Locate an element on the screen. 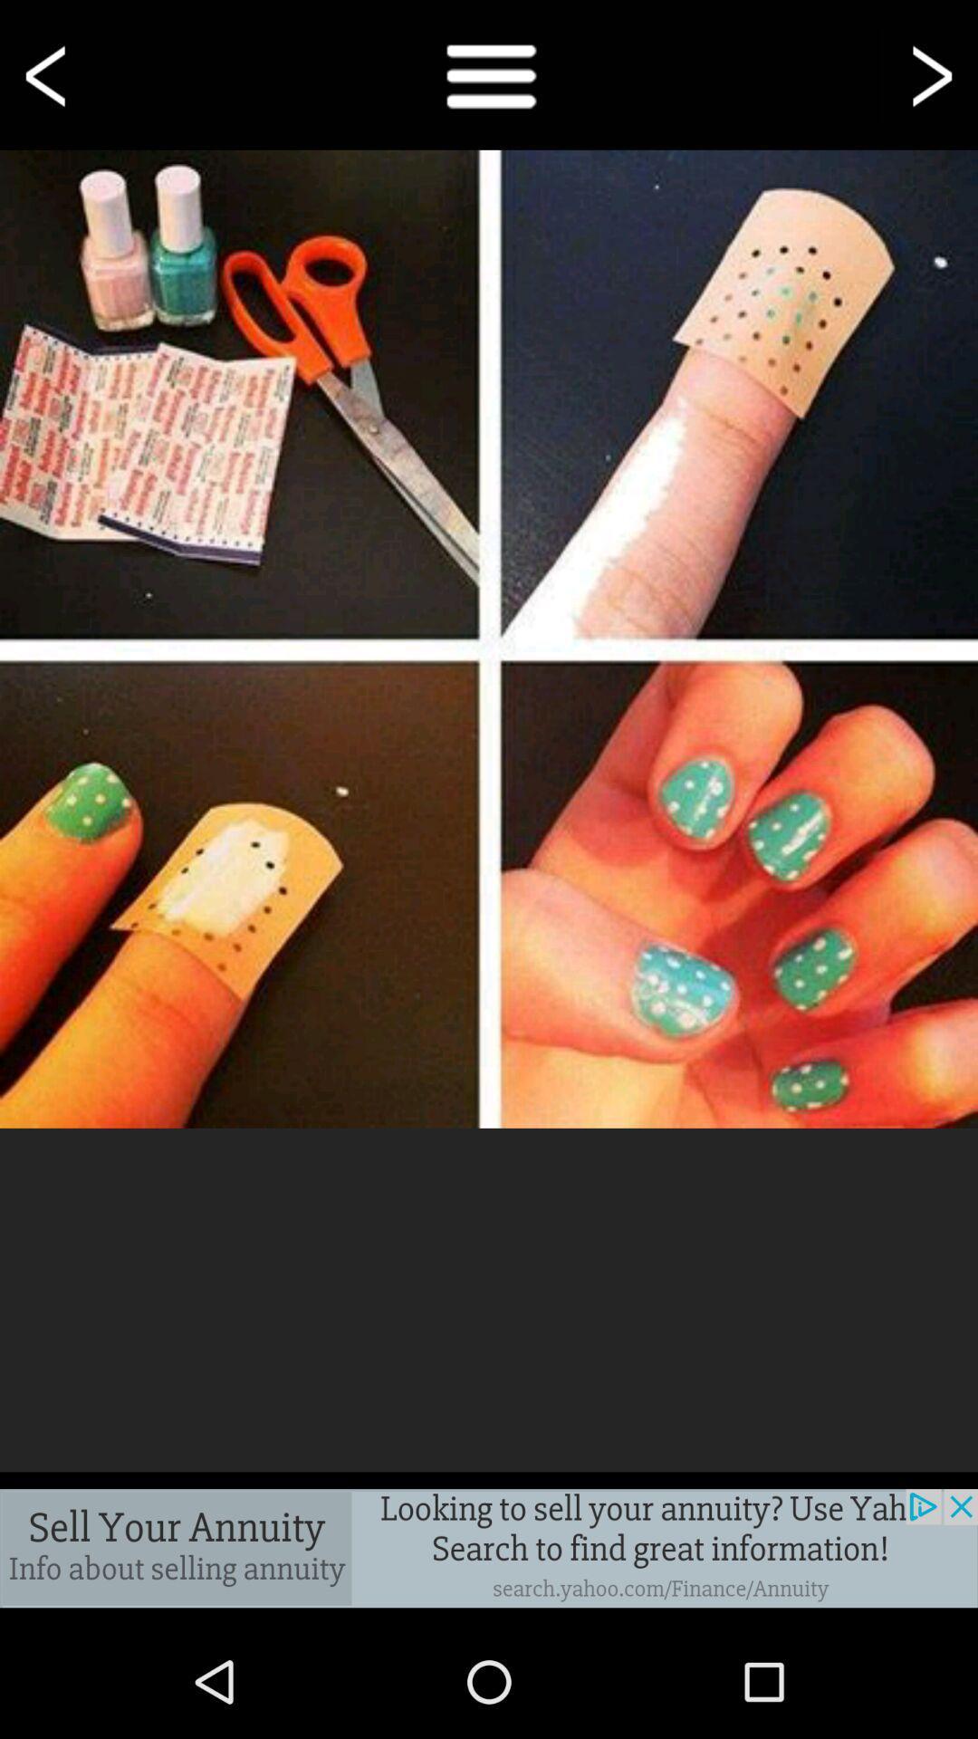  previous page is located at coordinates (48, 73).